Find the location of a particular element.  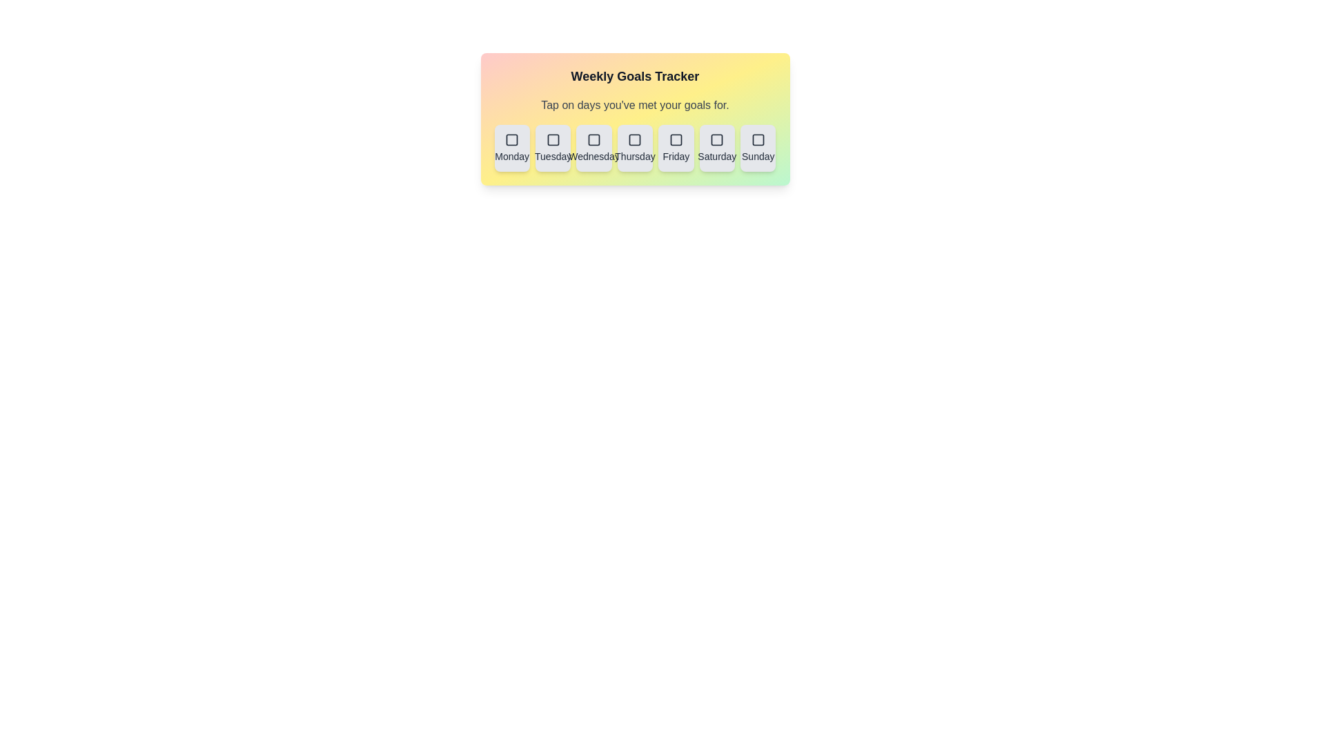

the button labeled Wednesday is located at coordinates (594, 148).